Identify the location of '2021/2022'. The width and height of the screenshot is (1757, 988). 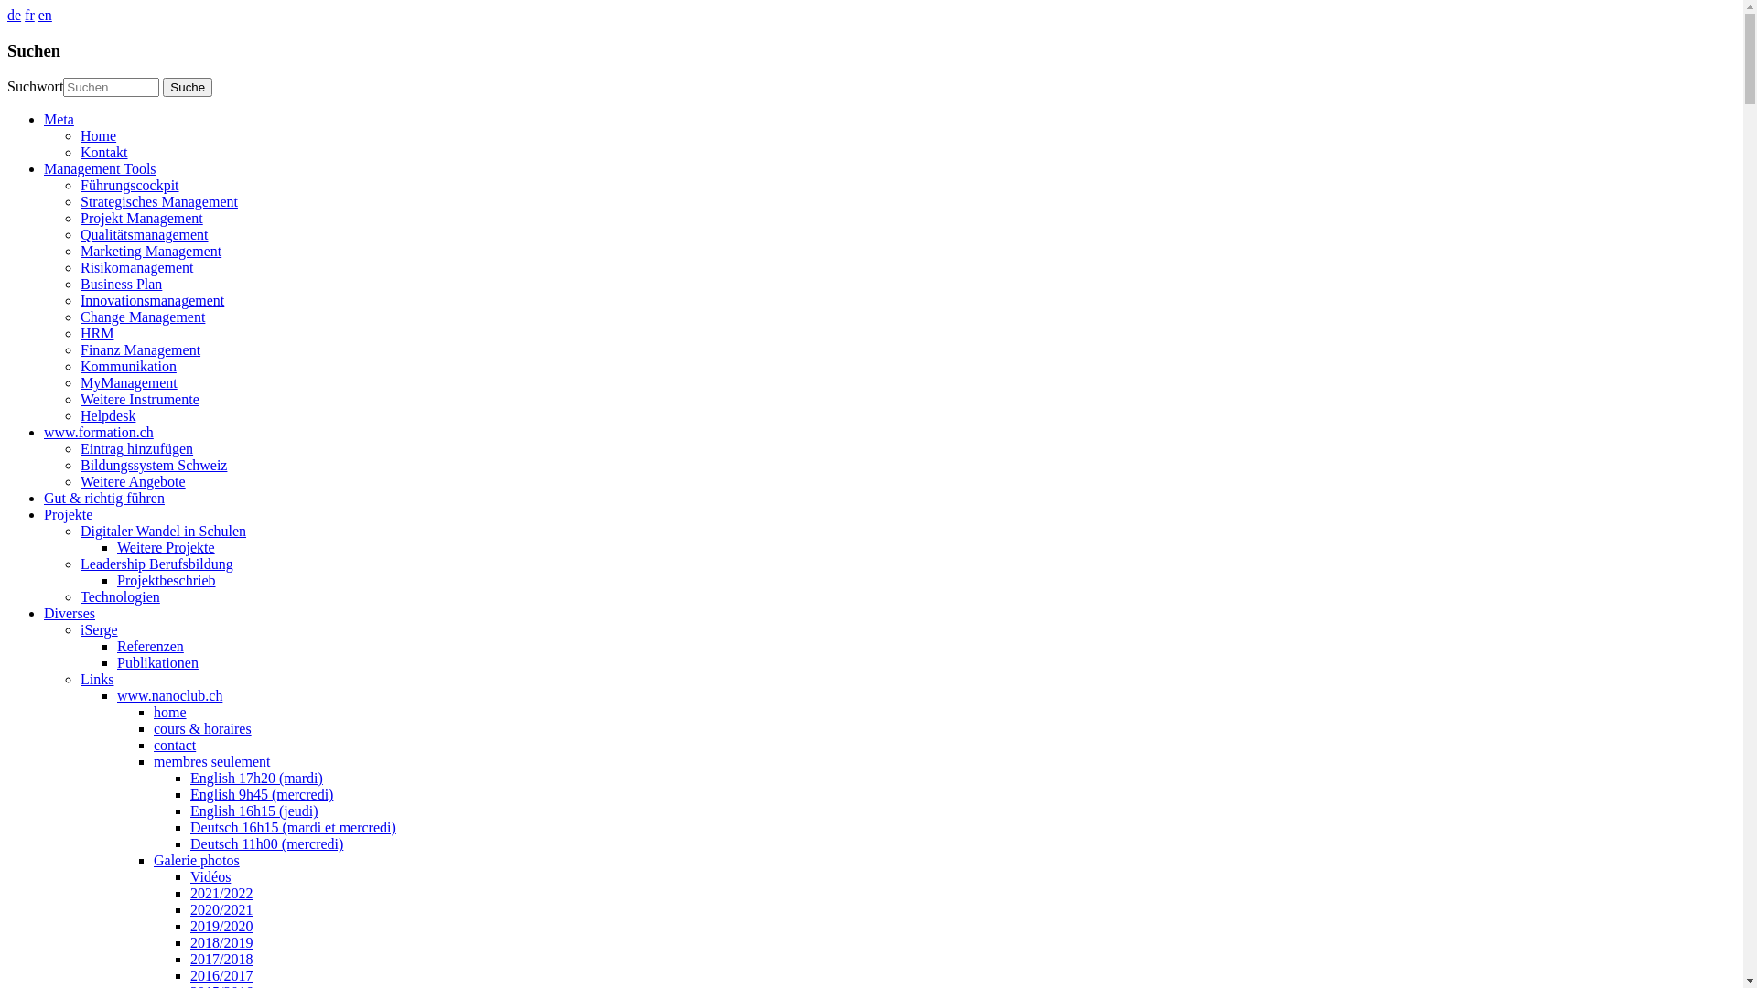
(220, 892).